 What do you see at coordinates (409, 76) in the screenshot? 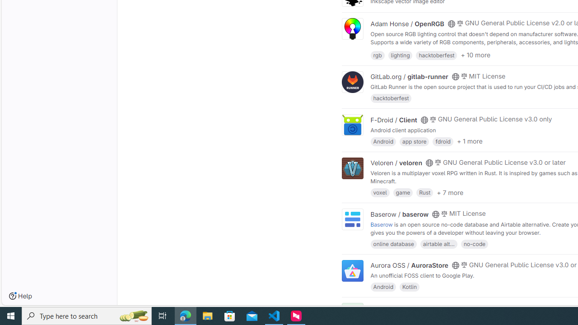
I see `'GitLab.org / gitlab-runner'` at bounding box center [409, 76].